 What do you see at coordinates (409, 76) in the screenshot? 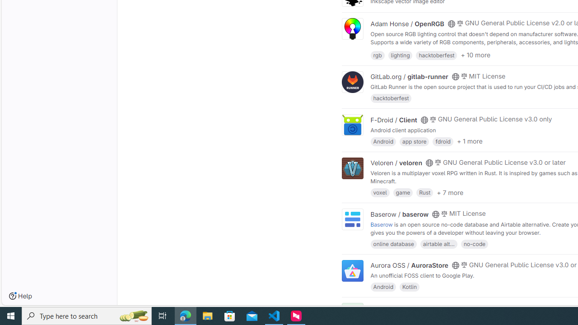
I see `'GitLab.org / gitlab-runner'` at bounding box center [409, 76].